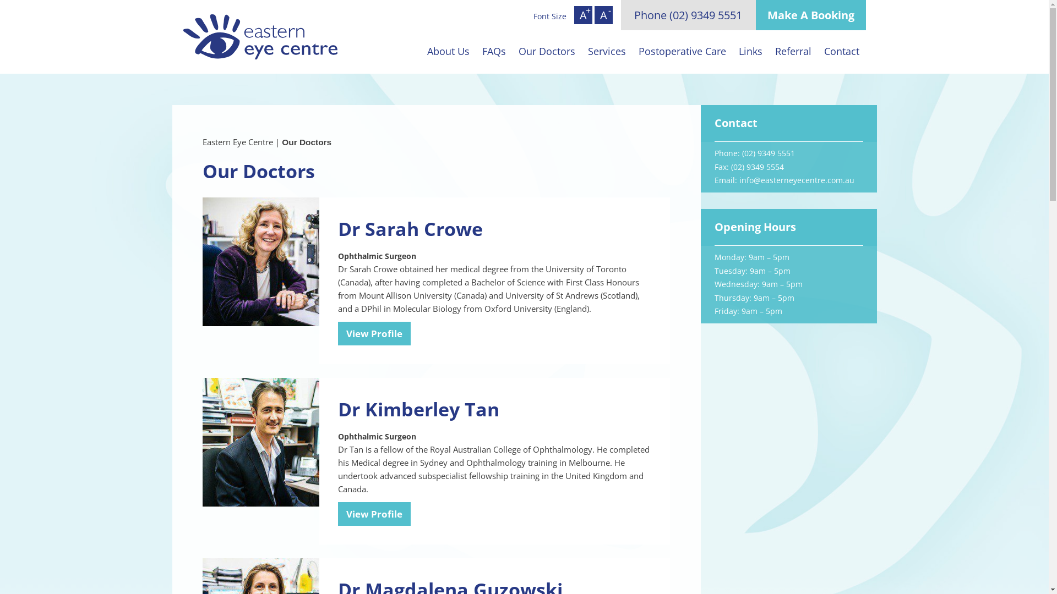 This screenshot has width=1057, height=594. Describe the element at coordinates (750, 51) in the screenshot. I see `'Links'` at that location.